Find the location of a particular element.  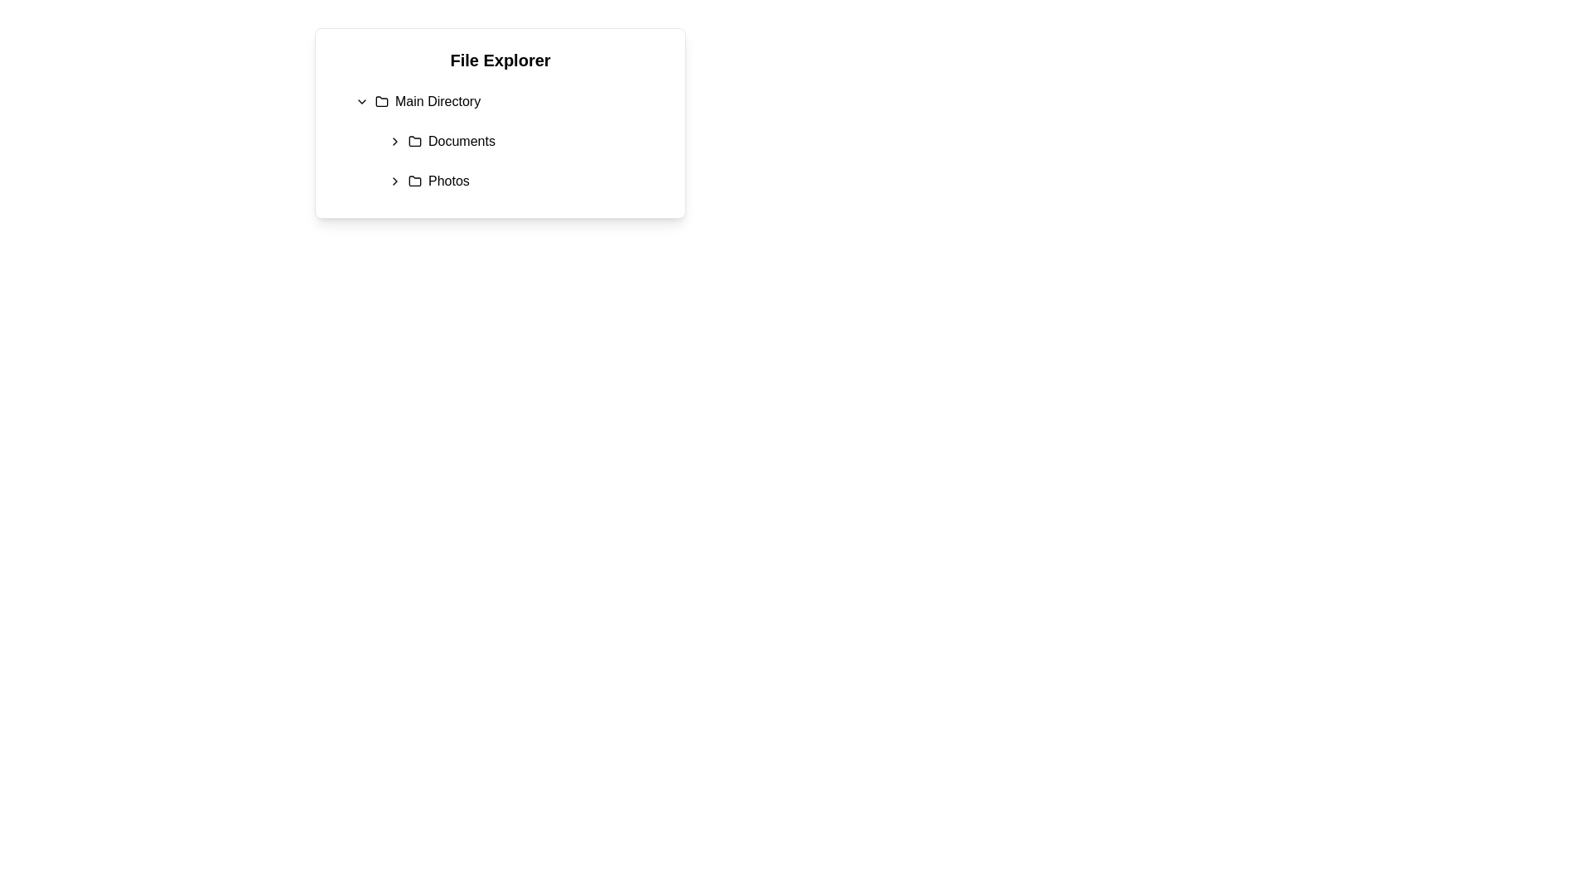

the folder icon located to the left of the 'Main Directory' text in the file explorer interface is located at coordinates (380, 101).